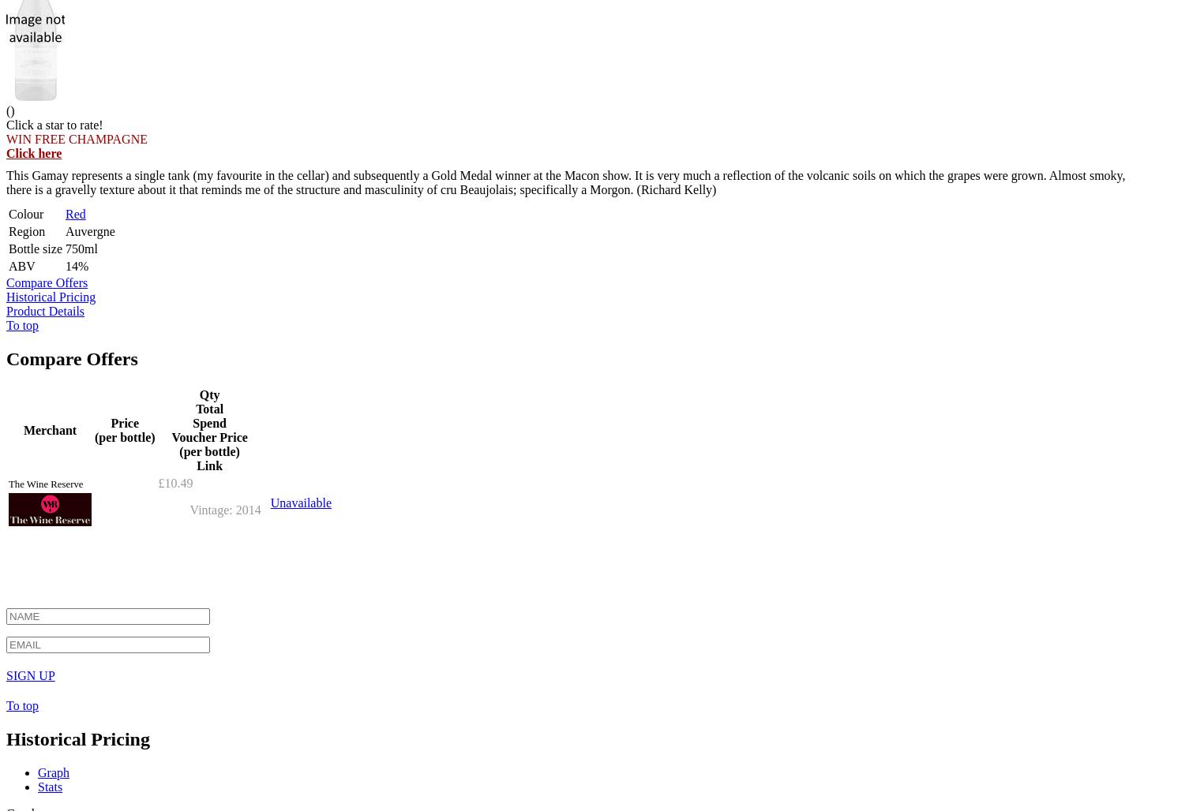 This screenshot has height=811, width=1204. I want to click on 'Unavailable', so click(299, 501).